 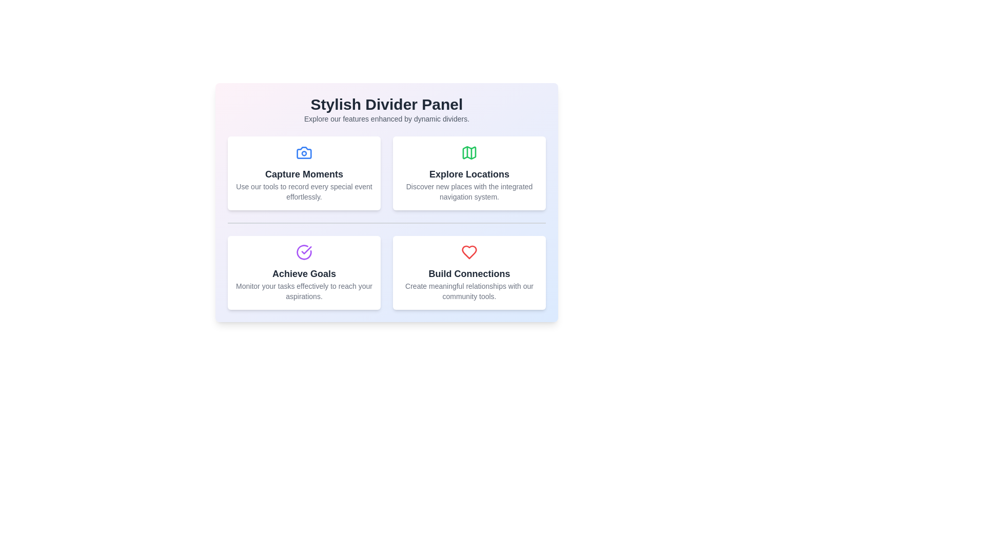 What do you see at coordinates (304, 192) in the screenshot?
I see `the informational text element located beneath the 'Capture Moments' title within the 'Capture Moments' card` at bounding box center [304, 192].